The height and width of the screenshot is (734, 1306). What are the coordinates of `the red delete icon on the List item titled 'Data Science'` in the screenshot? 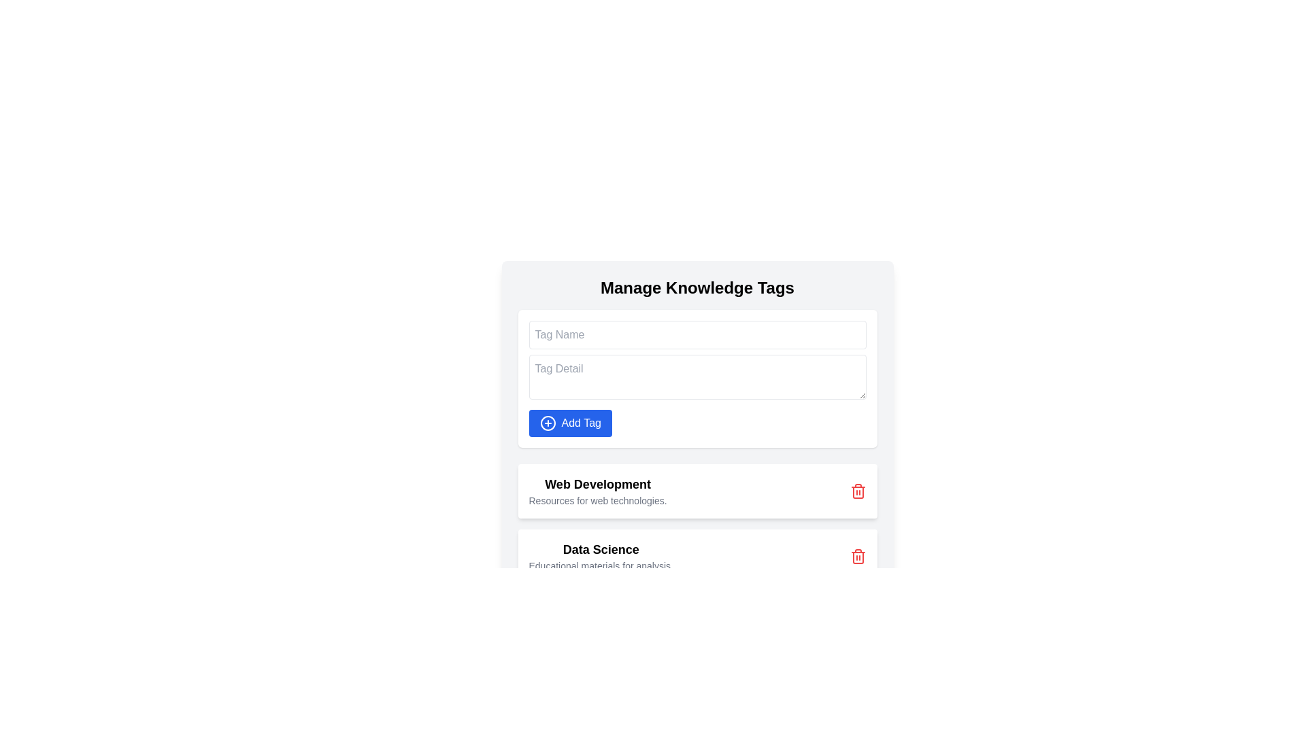 It's located at (697, 556).